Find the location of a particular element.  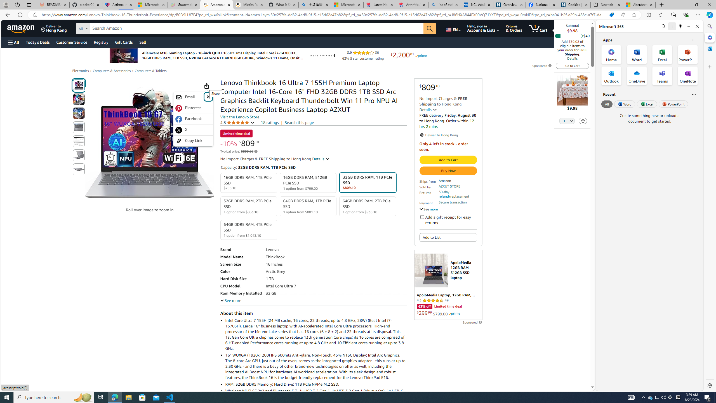

'32GB DDR5 RAM, 1TB PCIe SSD $809.10' is located at coordinates (367, 182).